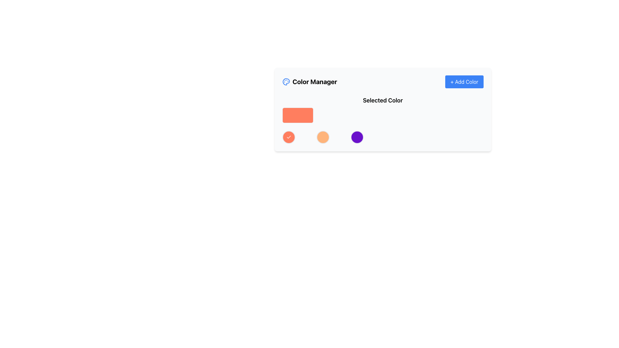 This screenshot has height=348, width=619. What do you see at coordinates (286, 82) in the screenshot?
I see `the blue circular palette icon with smaller dots, located to the left of the 'Color Manager' text` at bounding box center [286, 82].